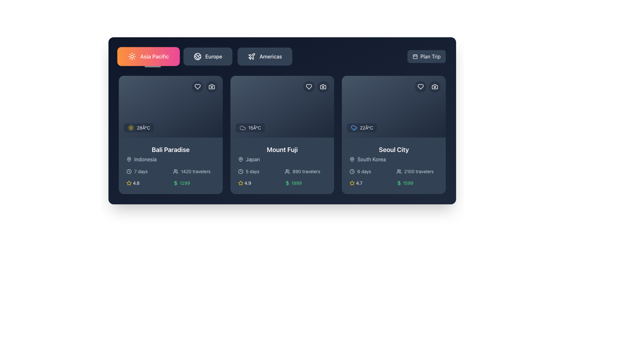 Image resolution: width=618 pixels, height=347 pixels. I want to click on the button labeled 'Americas', which is the third button in a group of three at the top of the central interface section, so click(265, 56).